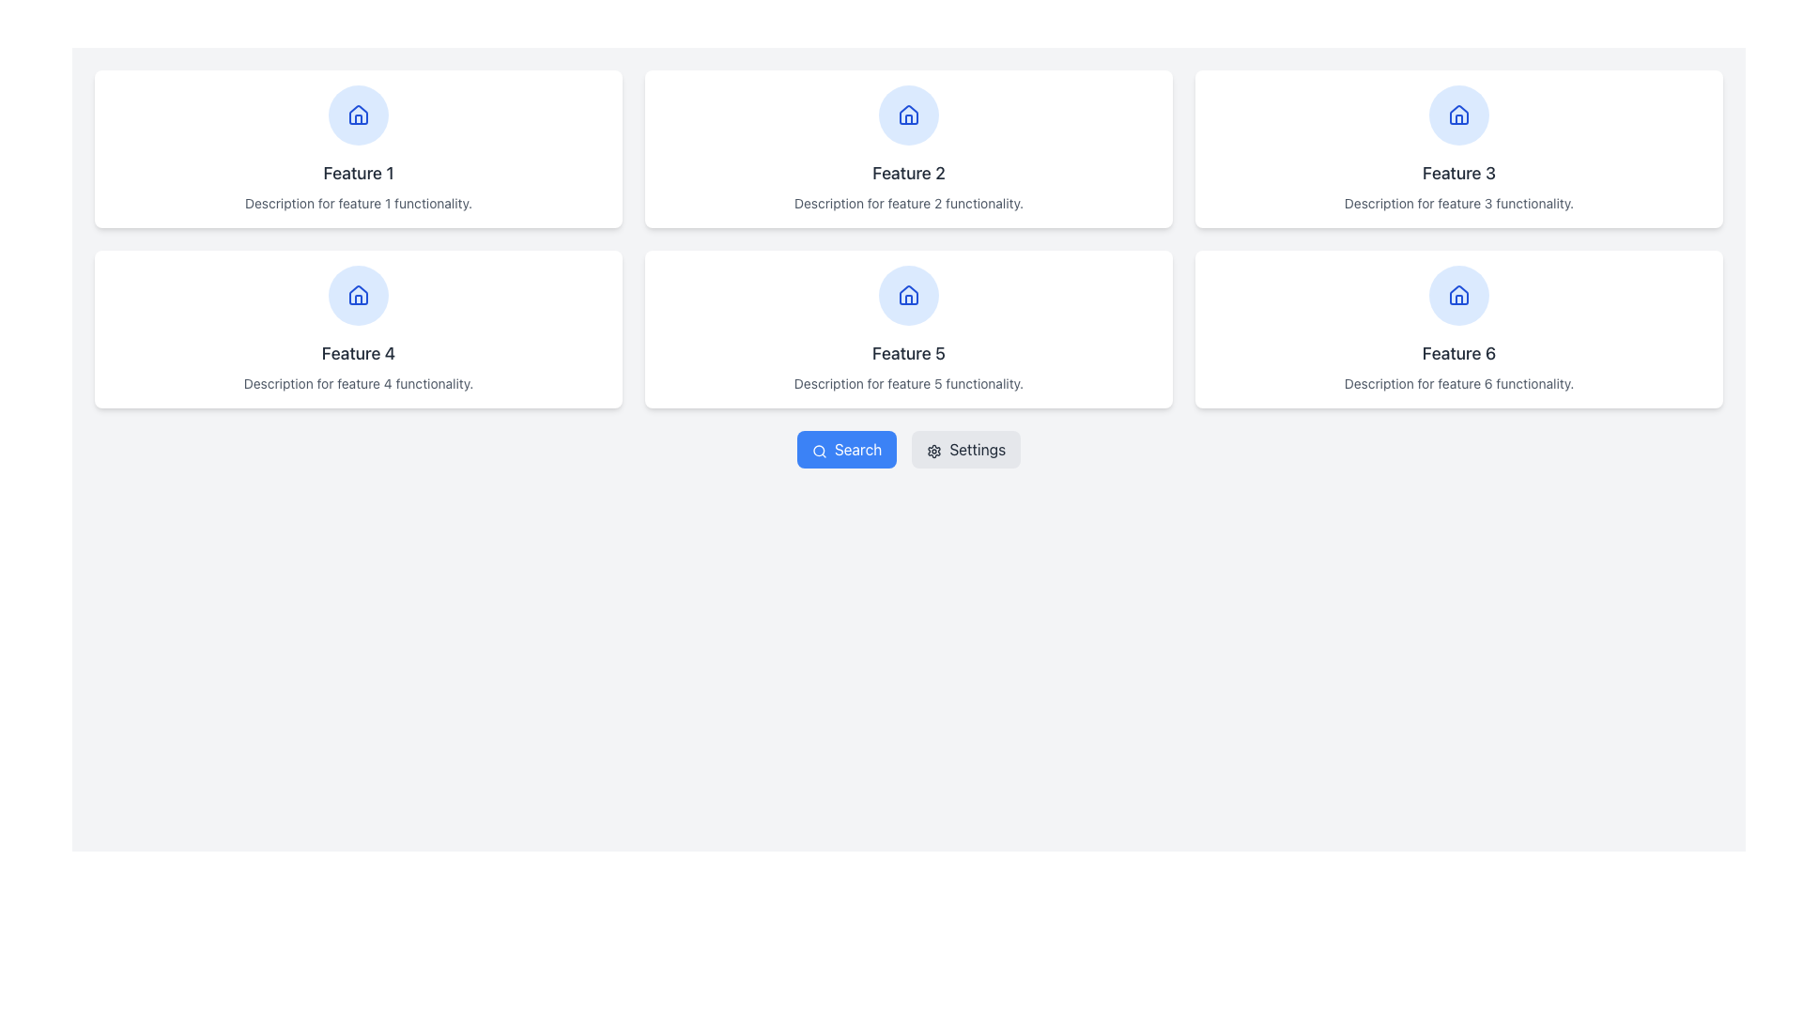 Image resolution: width=1803 pixels, height=1014 pixels. What do you see at coordinates (359, 296) in the screenshot?
I see `the graphical icon representing 'Feature 4' located at the top center of the panel labeled 'Feature 4' to visually associate it with the feature's functionality` at bounding box center [359, 296].